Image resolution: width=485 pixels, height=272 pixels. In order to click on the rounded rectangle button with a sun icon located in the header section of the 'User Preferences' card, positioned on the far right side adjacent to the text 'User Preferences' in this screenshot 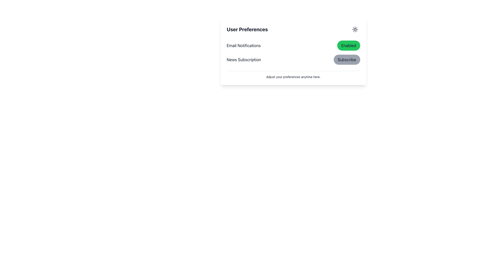, I will do `click(355, 29)`.